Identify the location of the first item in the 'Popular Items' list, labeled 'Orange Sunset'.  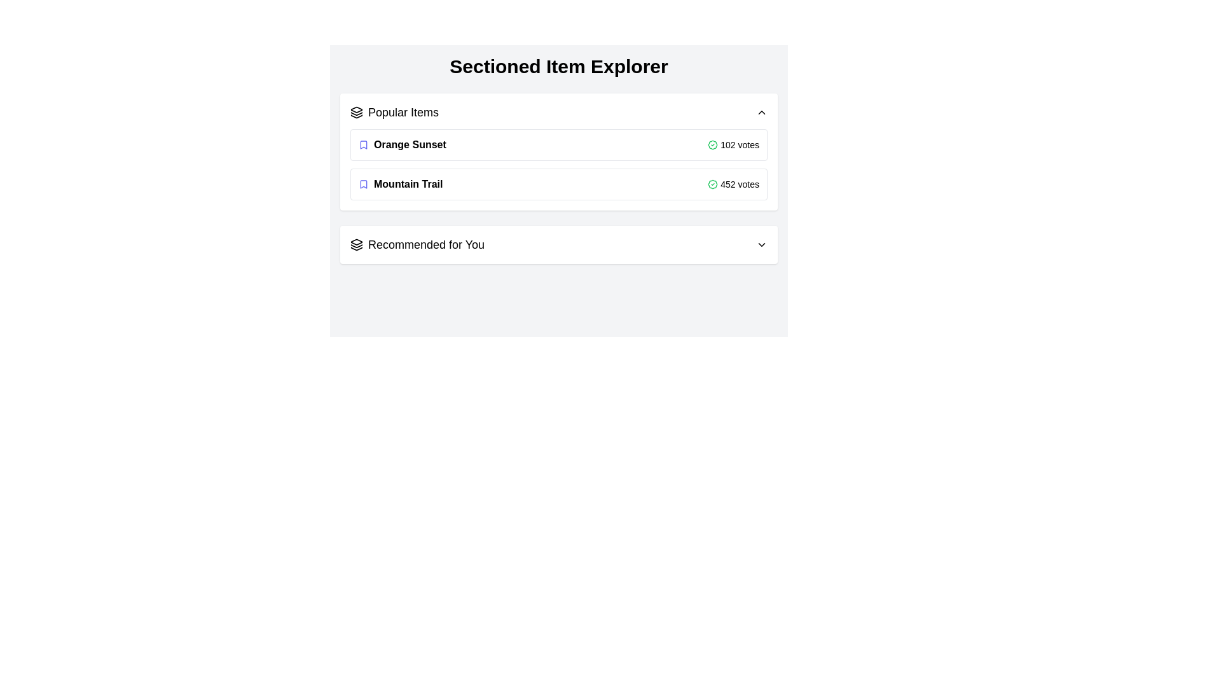
(558, 144).